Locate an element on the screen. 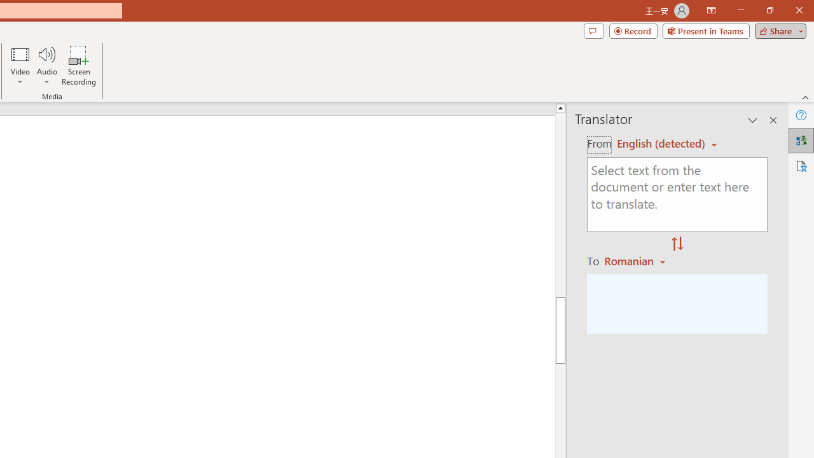 The image size is (814, 458). 'Czech (detected)' is located at coordinates (661, 143).